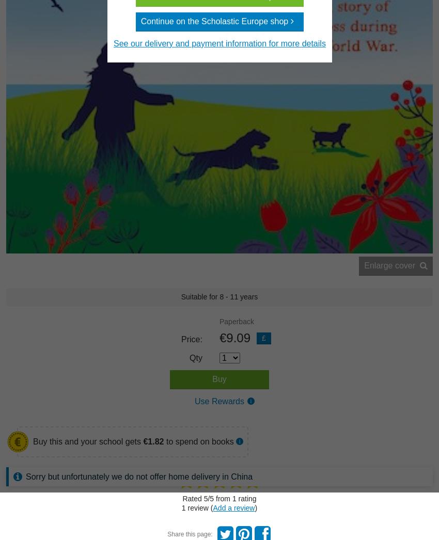 The image size is (439, 540). What do you see at coordinates (219, 378) in the screenshot?
I see `'Buy'` at bounding box center [219, 378].